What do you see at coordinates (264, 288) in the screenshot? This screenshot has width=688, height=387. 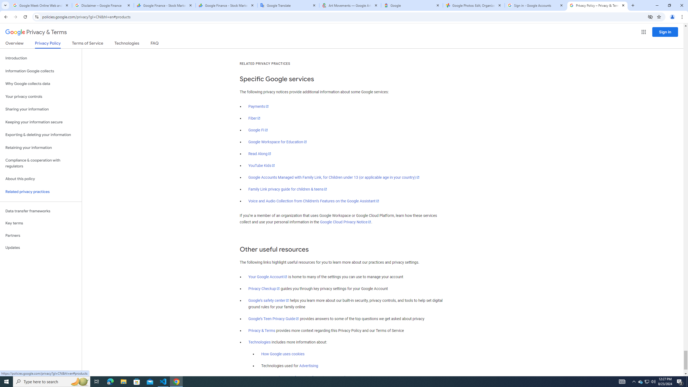 I see `'Privacy Checkup'` at bounding box center [264, 288].